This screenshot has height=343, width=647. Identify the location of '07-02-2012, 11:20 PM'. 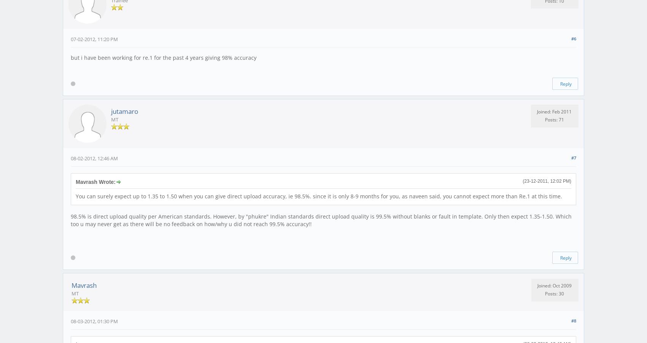
(94, 38).